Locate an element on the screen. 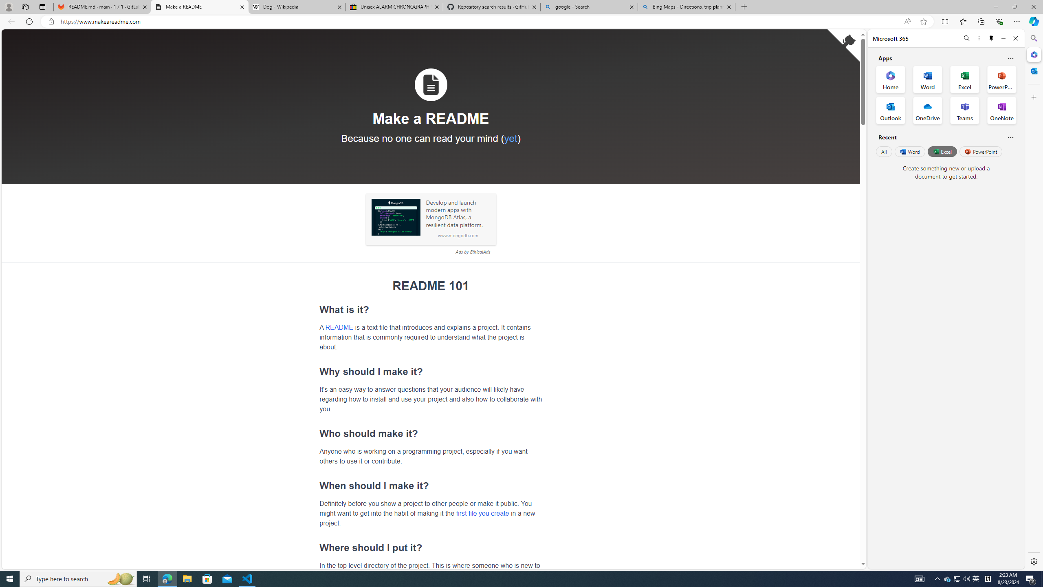  'OneDrive Office App' is located at coordinates (927, 110).